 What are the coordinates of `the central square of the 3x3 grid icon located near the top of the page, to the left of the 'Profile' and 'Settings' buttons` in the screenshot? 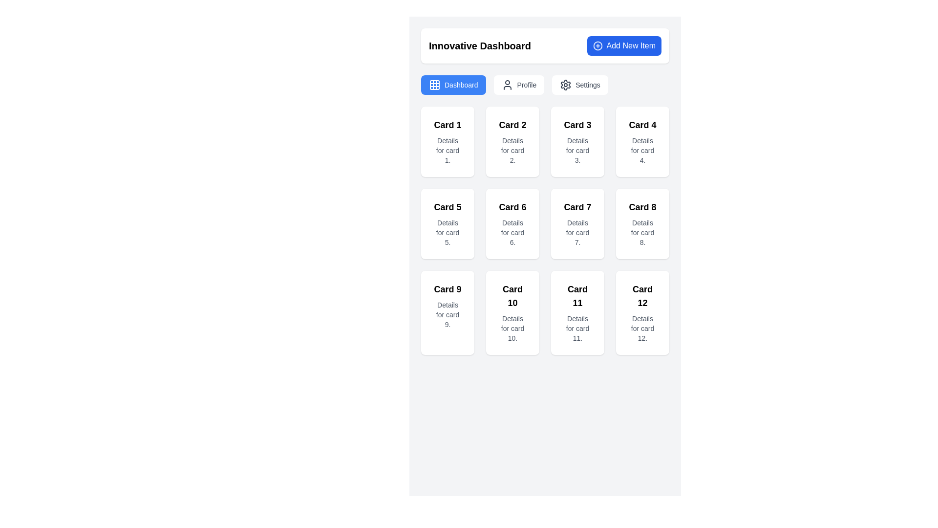 It's located at (434, 84).